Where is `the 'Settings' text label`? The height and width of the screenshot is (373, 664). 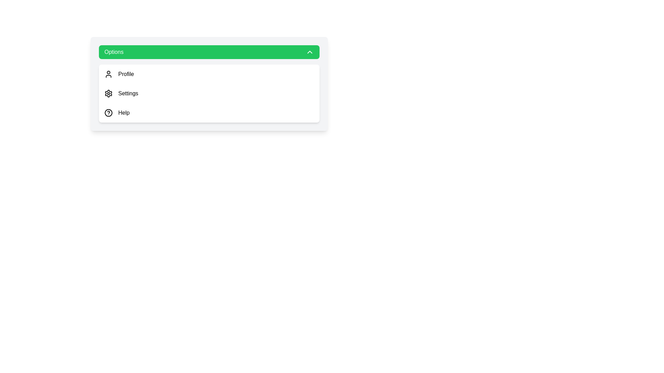 the 'Settings' text label is located at coordinates (128, 93).